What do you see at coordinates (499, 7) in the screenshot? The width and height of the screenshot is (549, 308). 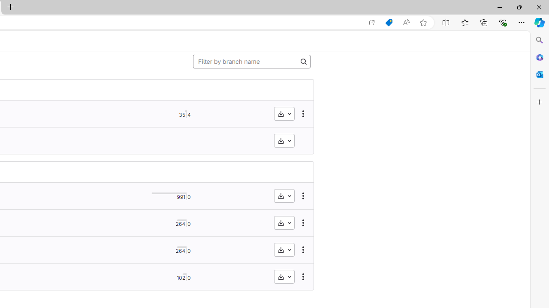 I see `'Minimize'` at bounding box center [499, 7].